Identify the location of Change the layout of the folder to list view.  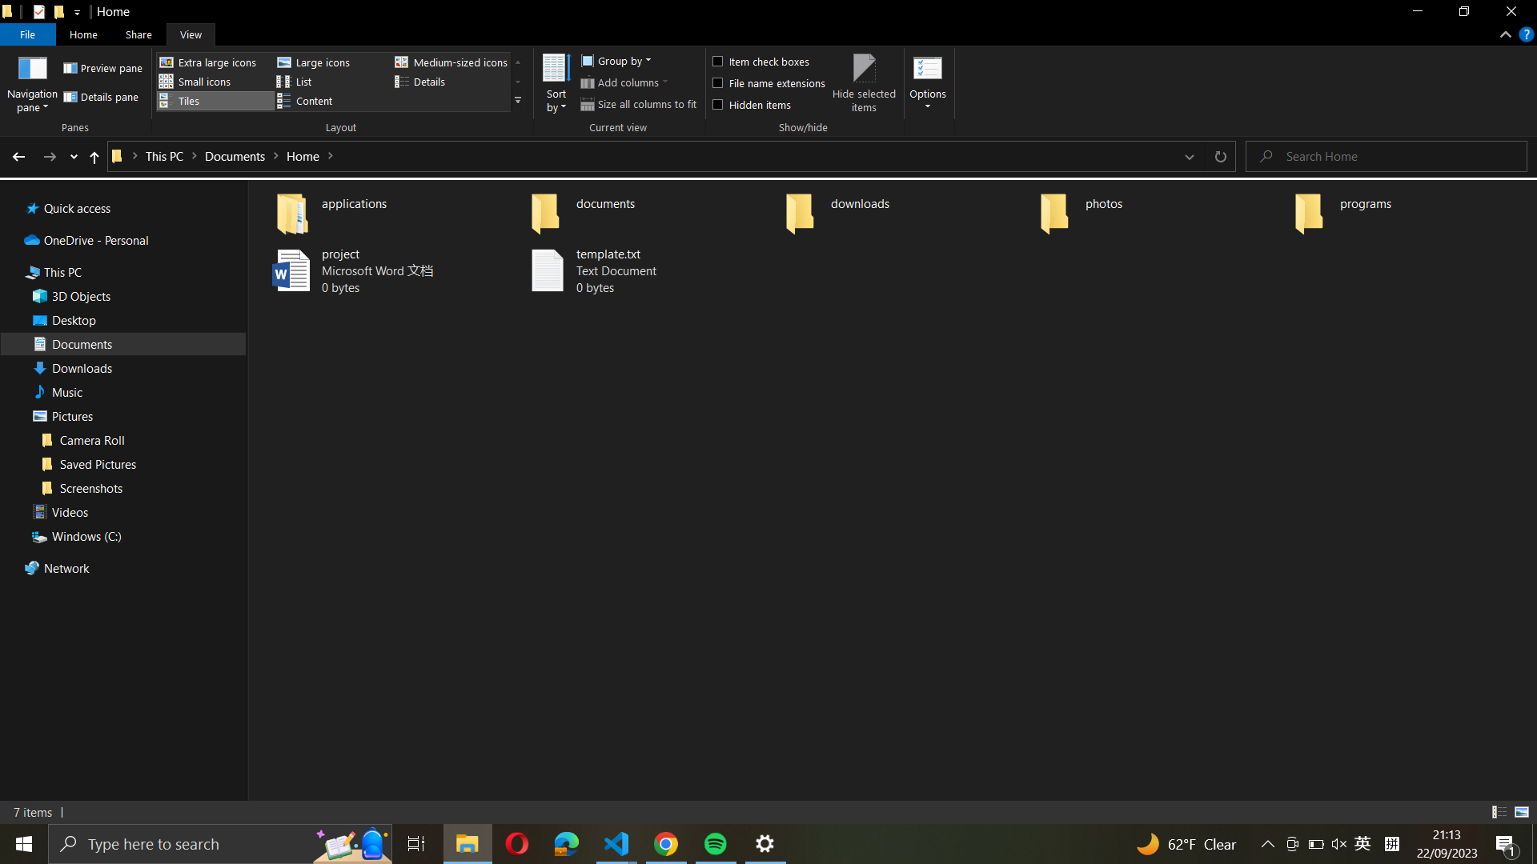
(329, 81).